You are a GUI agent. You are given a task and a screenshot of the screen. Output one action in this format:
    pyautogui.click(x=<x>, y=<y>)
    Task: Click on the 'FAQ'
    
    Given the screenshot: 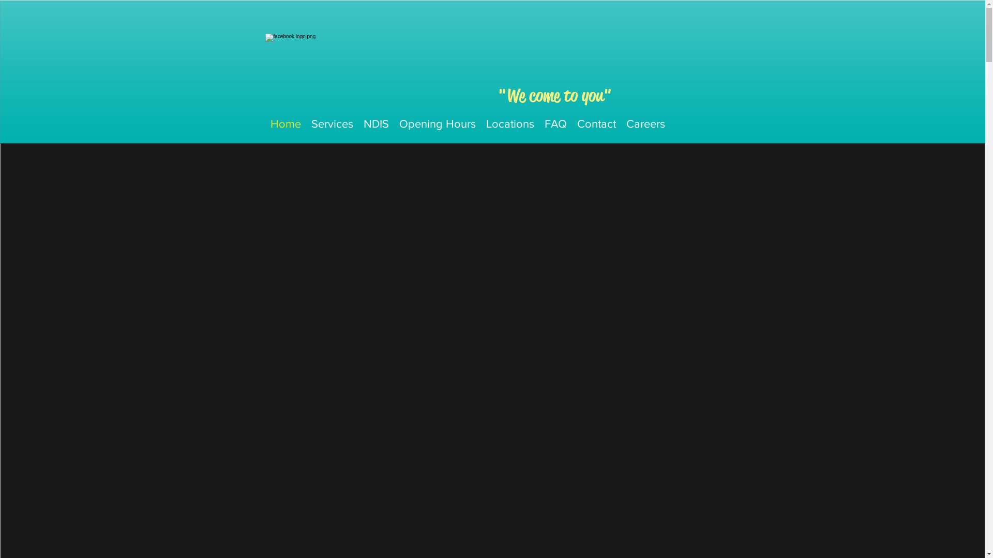 What is the action you would take?
    pyautogui.click(x=554, y=123)
    